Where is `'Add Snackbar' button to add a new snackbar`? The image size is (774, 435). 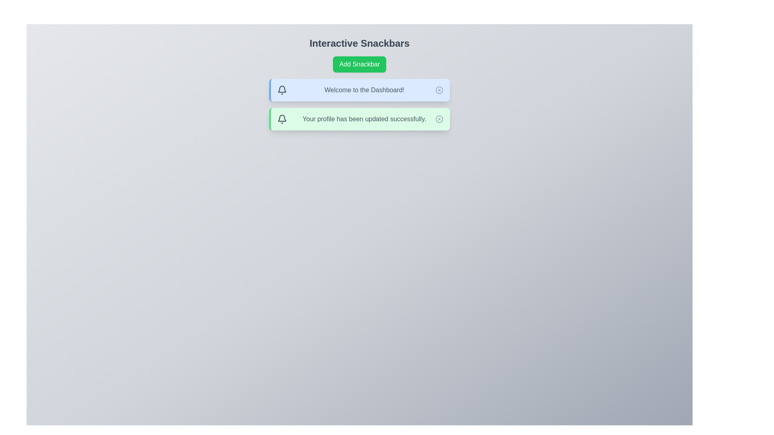
'Add Snackbar' button to add a new snackbar is located at coordinates (359, 64).